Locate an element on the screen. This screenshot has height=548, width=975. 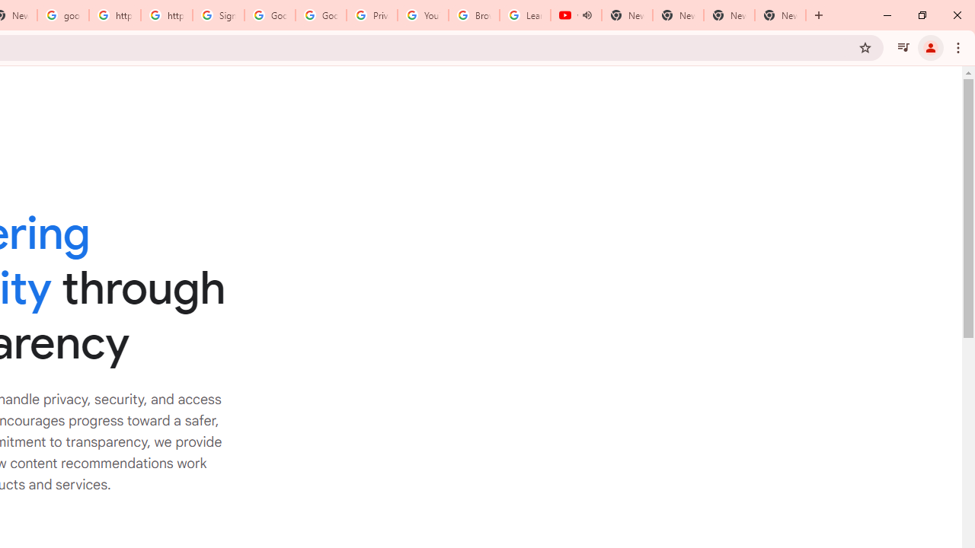
'New Tab' is located at coordinates (780, 15).